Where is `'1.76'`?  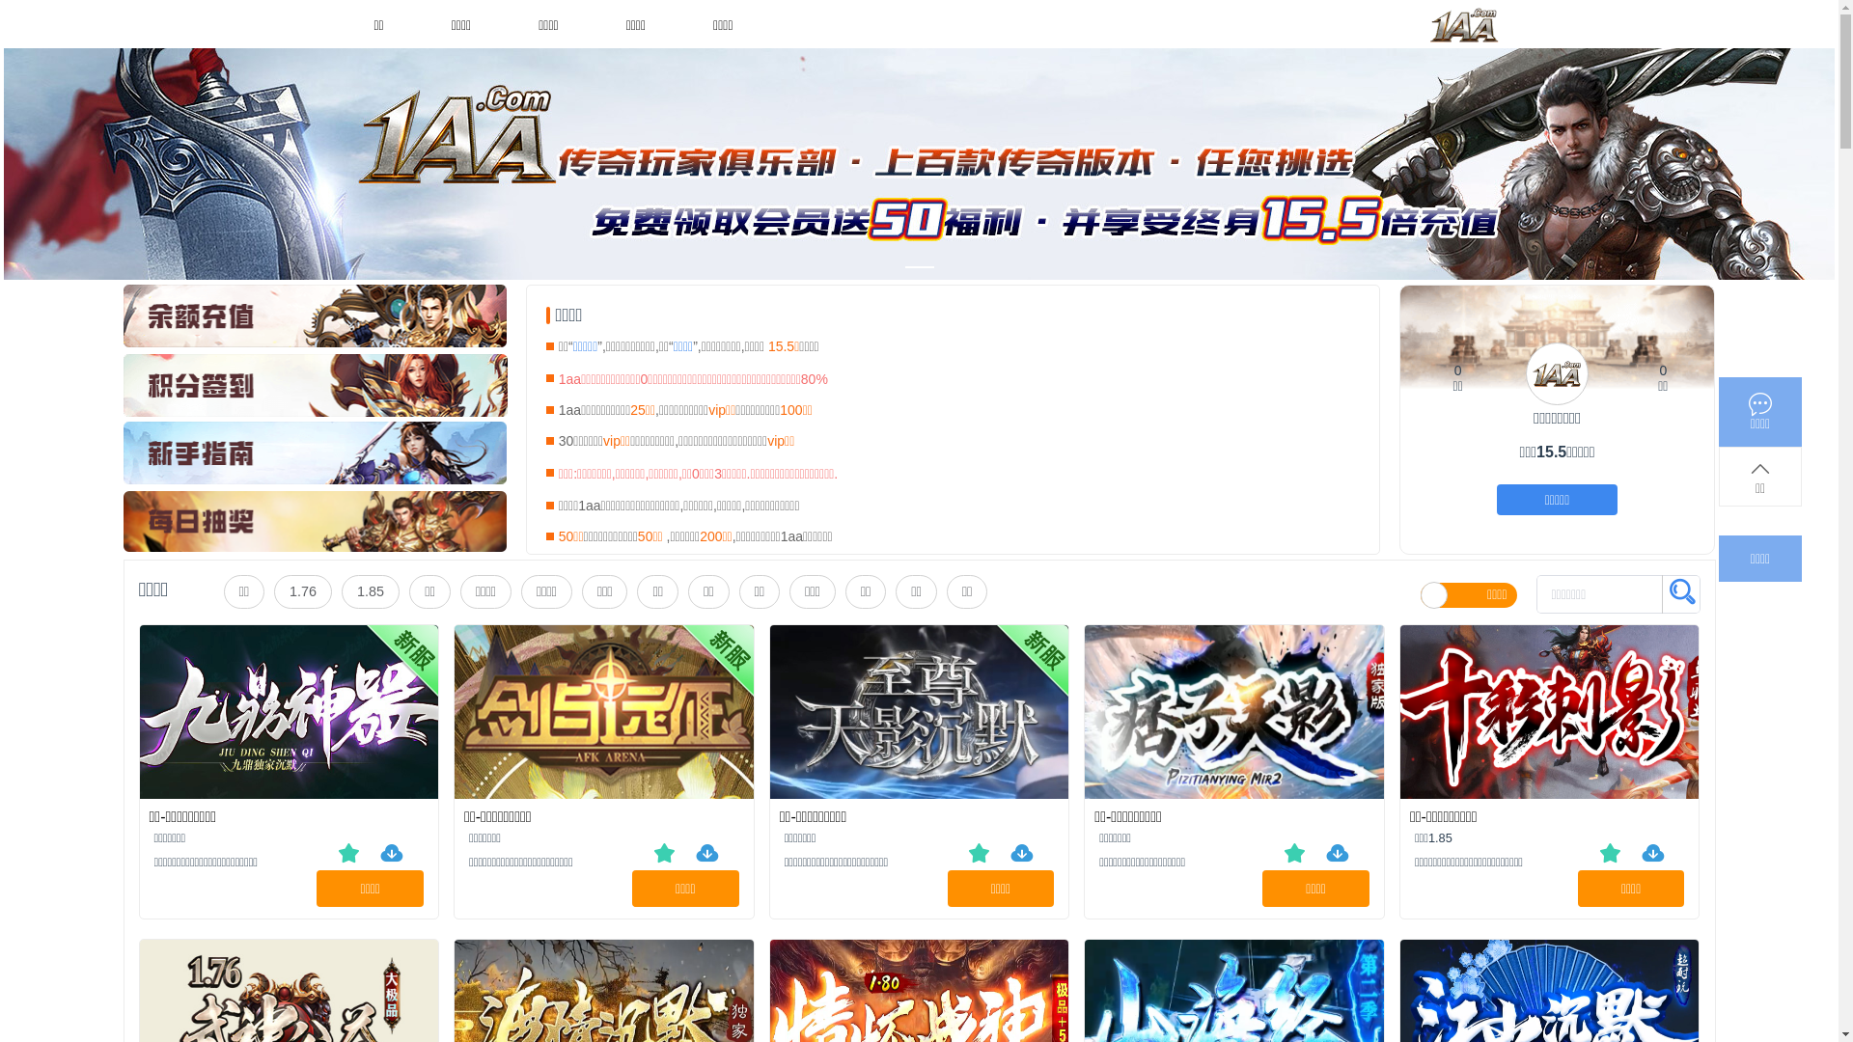
'1.76' is located at coordinates (272, 590).